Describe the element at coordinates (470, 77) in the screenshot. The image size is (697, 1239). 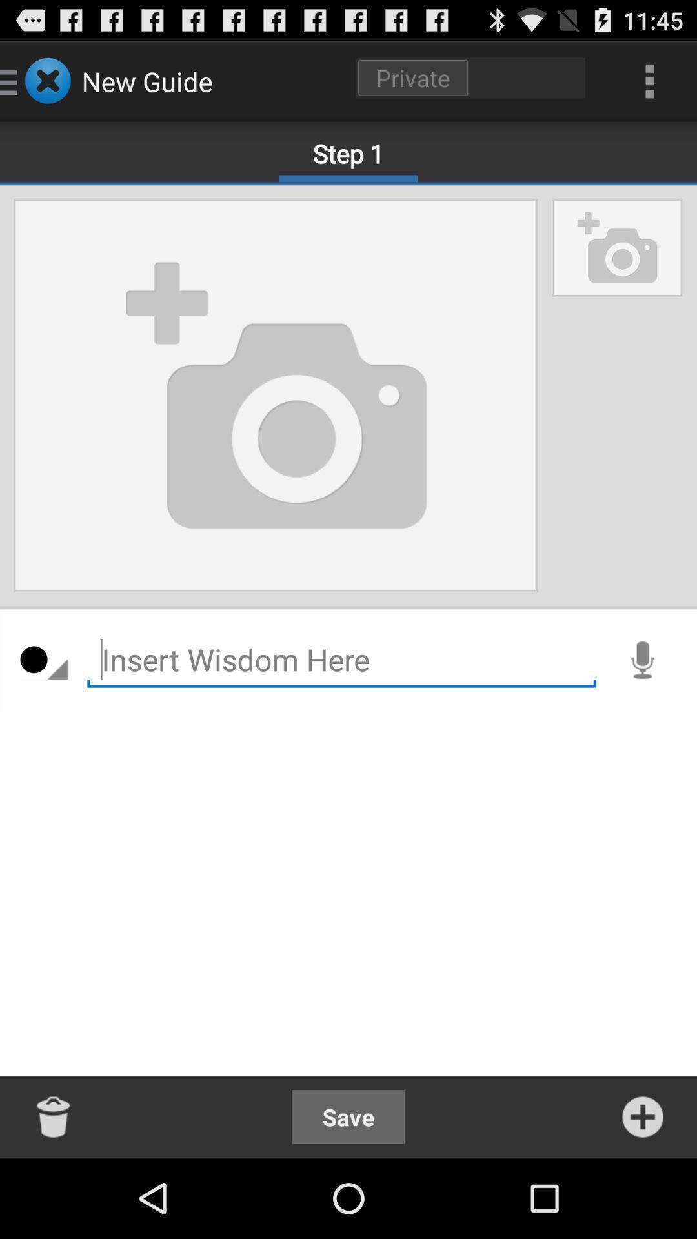
I see `the icon next to the new guide icon` at that location.